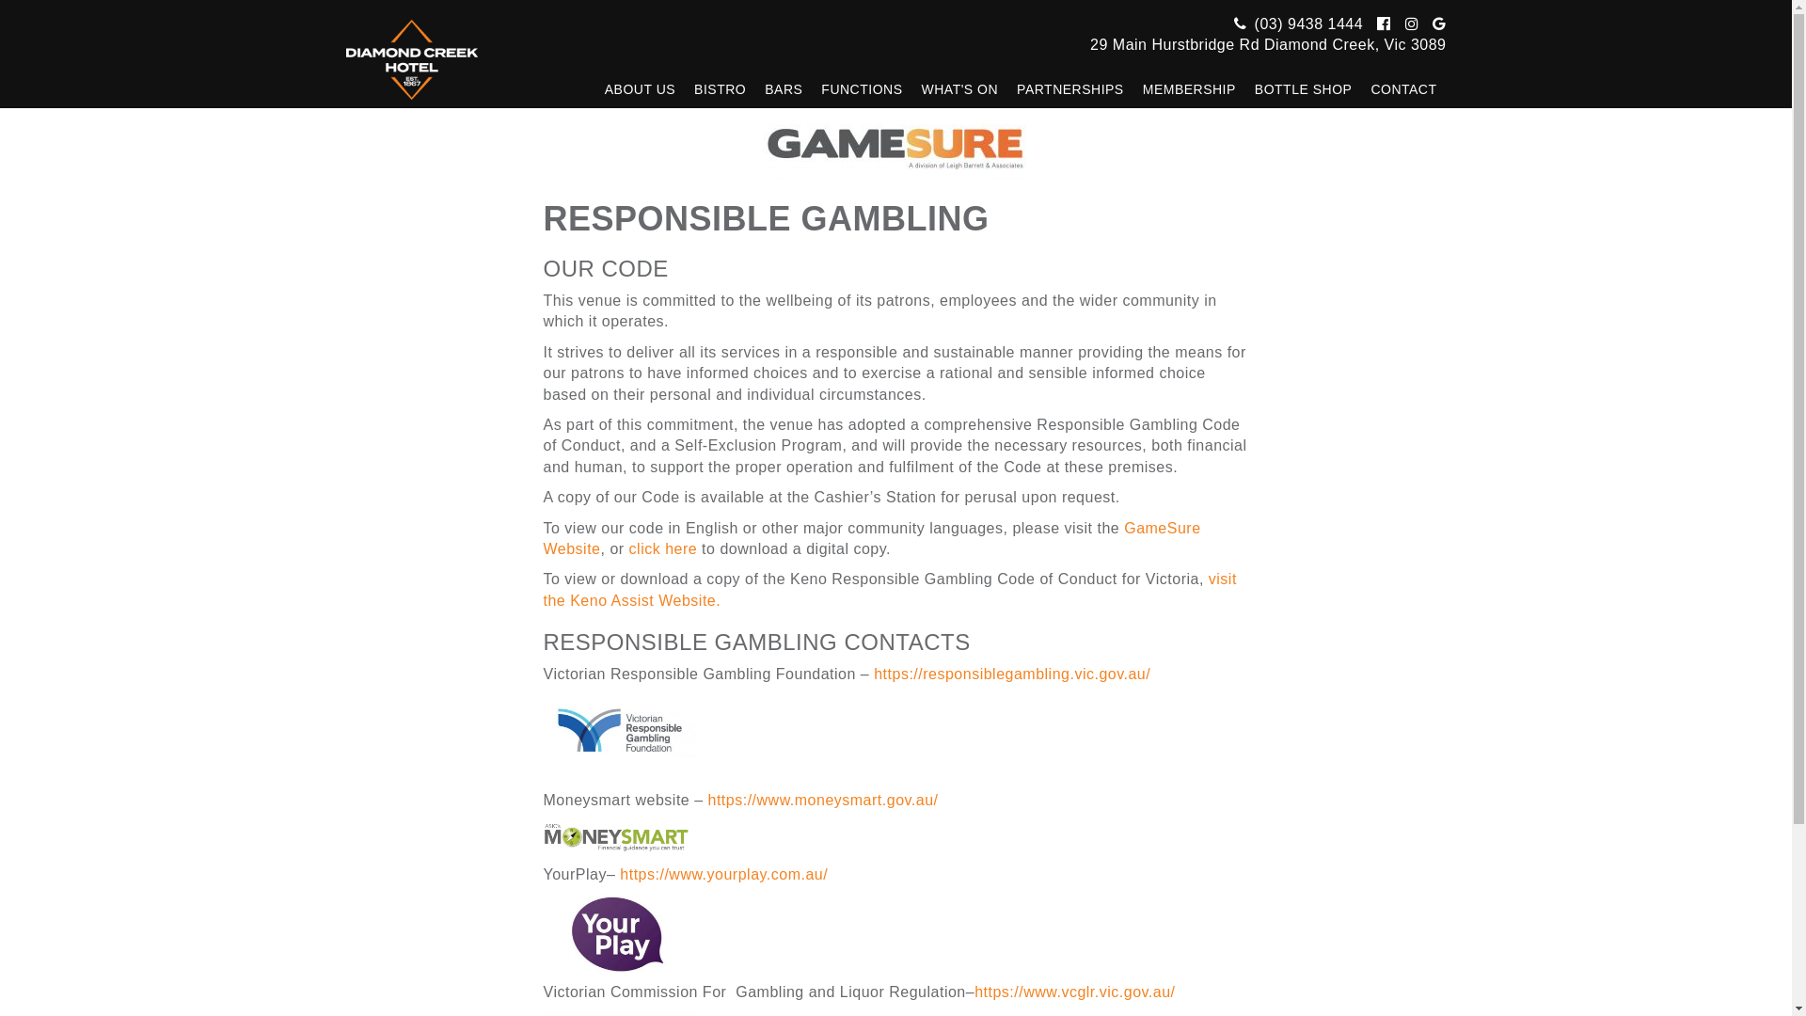  What do you see at coordinates (1010, 673) in the screenshot?
I see `'https://responsiblegambling.vic.gov.au/'` at bounding box center [1010, 673].